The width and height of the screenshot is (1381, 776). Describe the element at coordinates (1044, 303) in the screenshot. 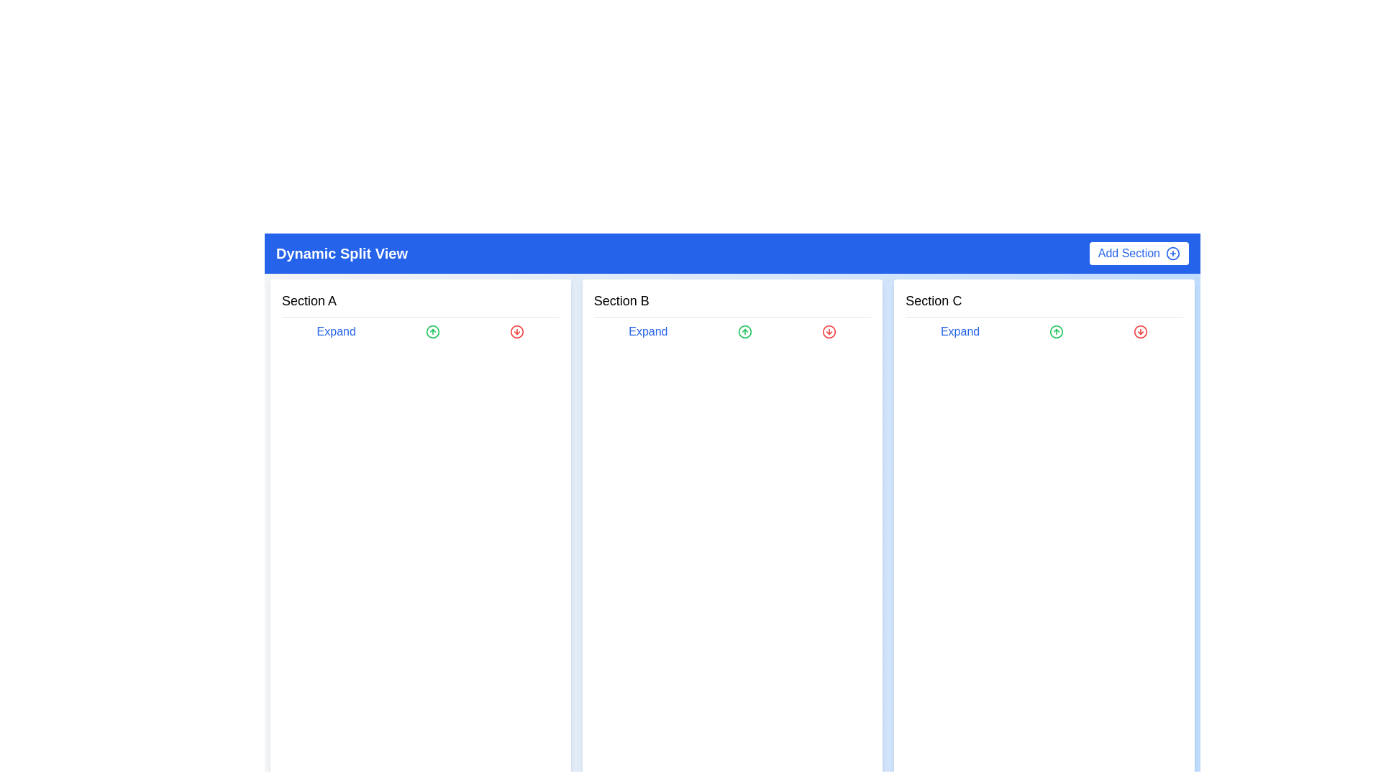

I see `the Text Label that serves as the section header for 'Section C', located in the rightmost column of the interface` at that location.